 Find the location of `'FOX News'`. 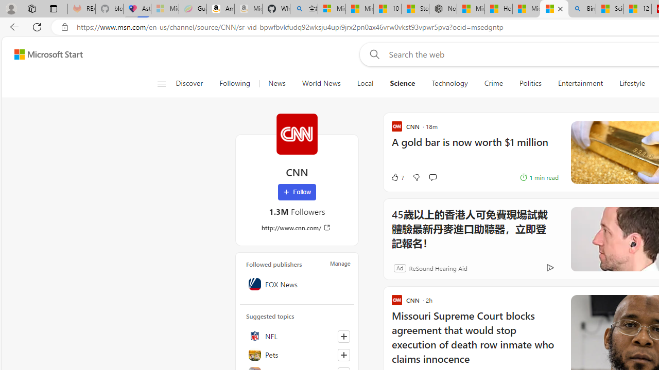

'FOX News' is located at coordinates (297, 284).